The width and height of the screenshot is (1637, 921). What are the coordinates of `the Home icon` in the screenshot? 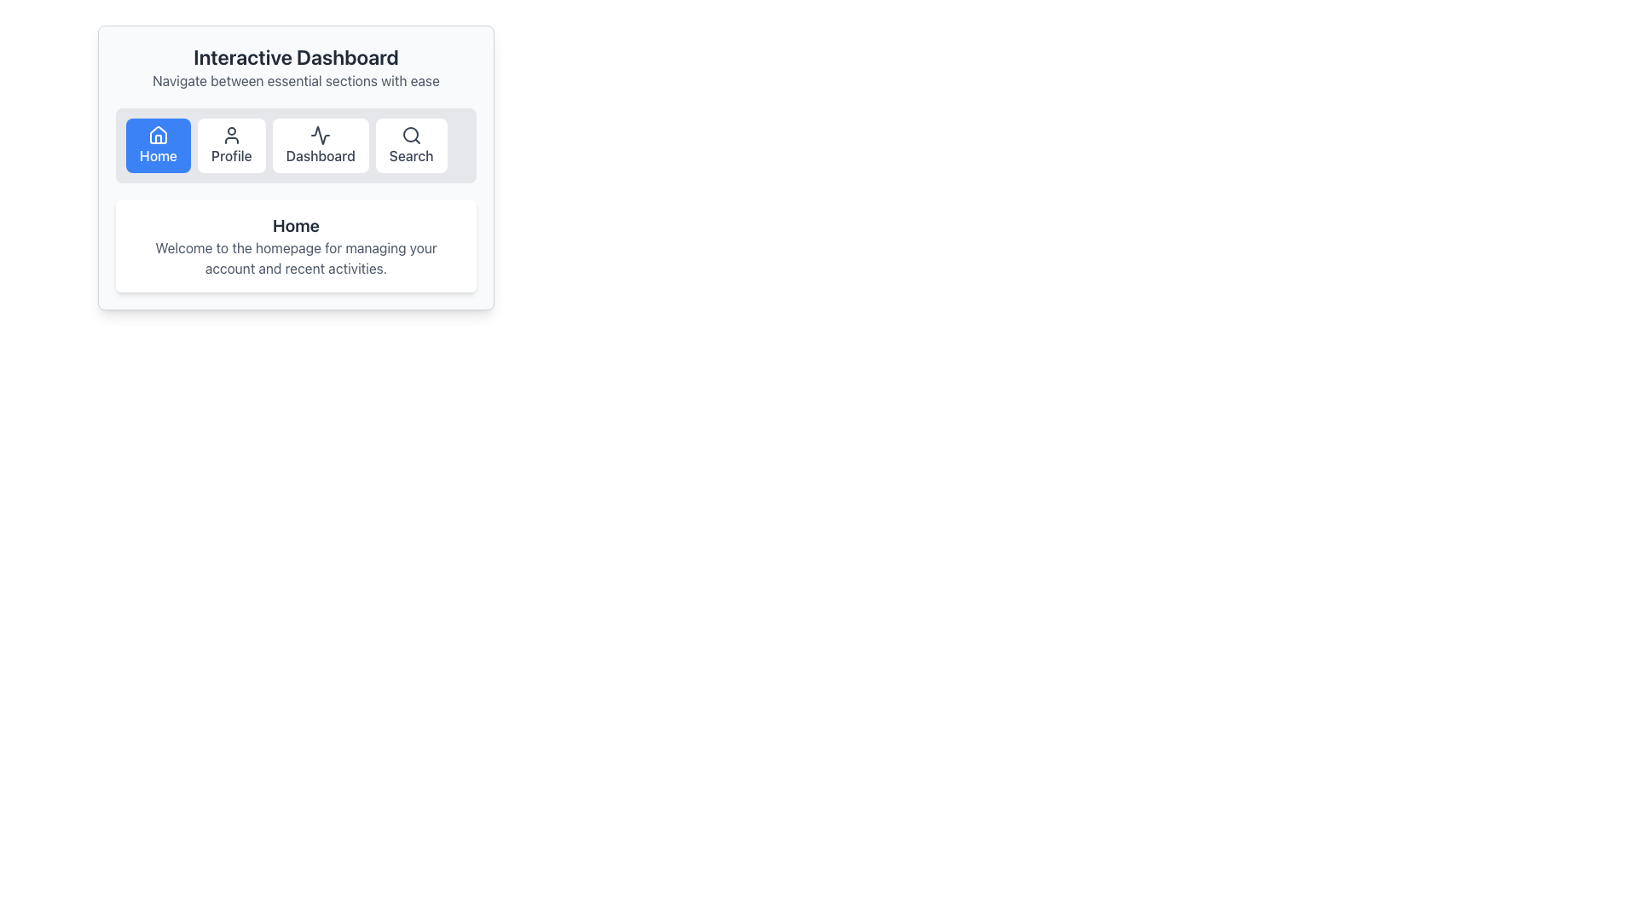 It's located at (159, 134).